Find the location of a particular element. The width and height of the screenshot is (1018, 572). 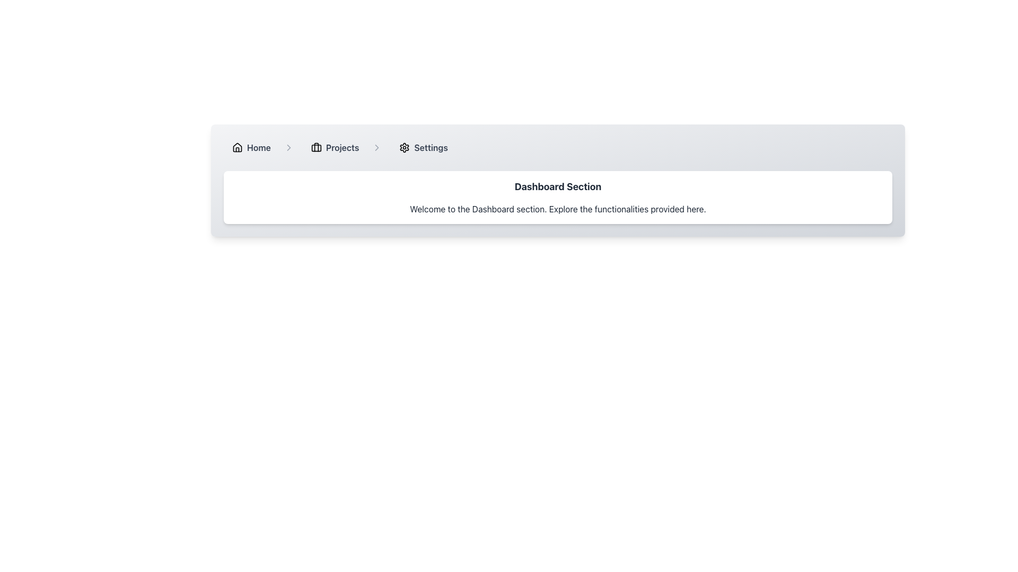

the clickable text label located in the horizontal menu bar to the right of the gear icon is located at coordinates (431, 147).